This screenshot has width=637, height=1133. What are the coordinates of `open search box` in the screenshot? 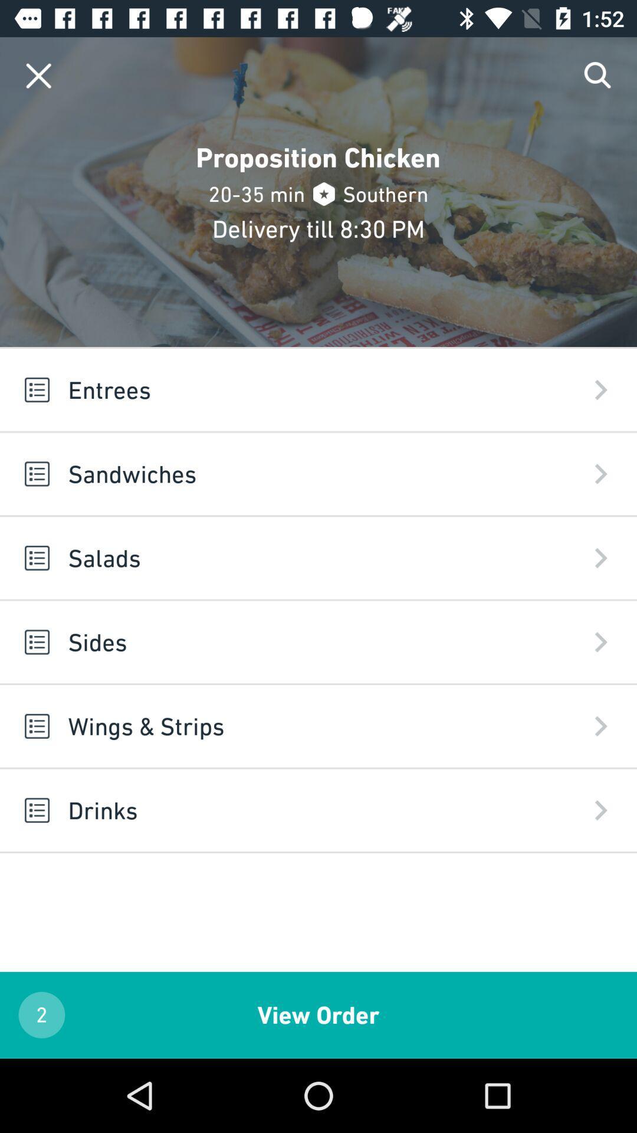 It's located at (598, 75).